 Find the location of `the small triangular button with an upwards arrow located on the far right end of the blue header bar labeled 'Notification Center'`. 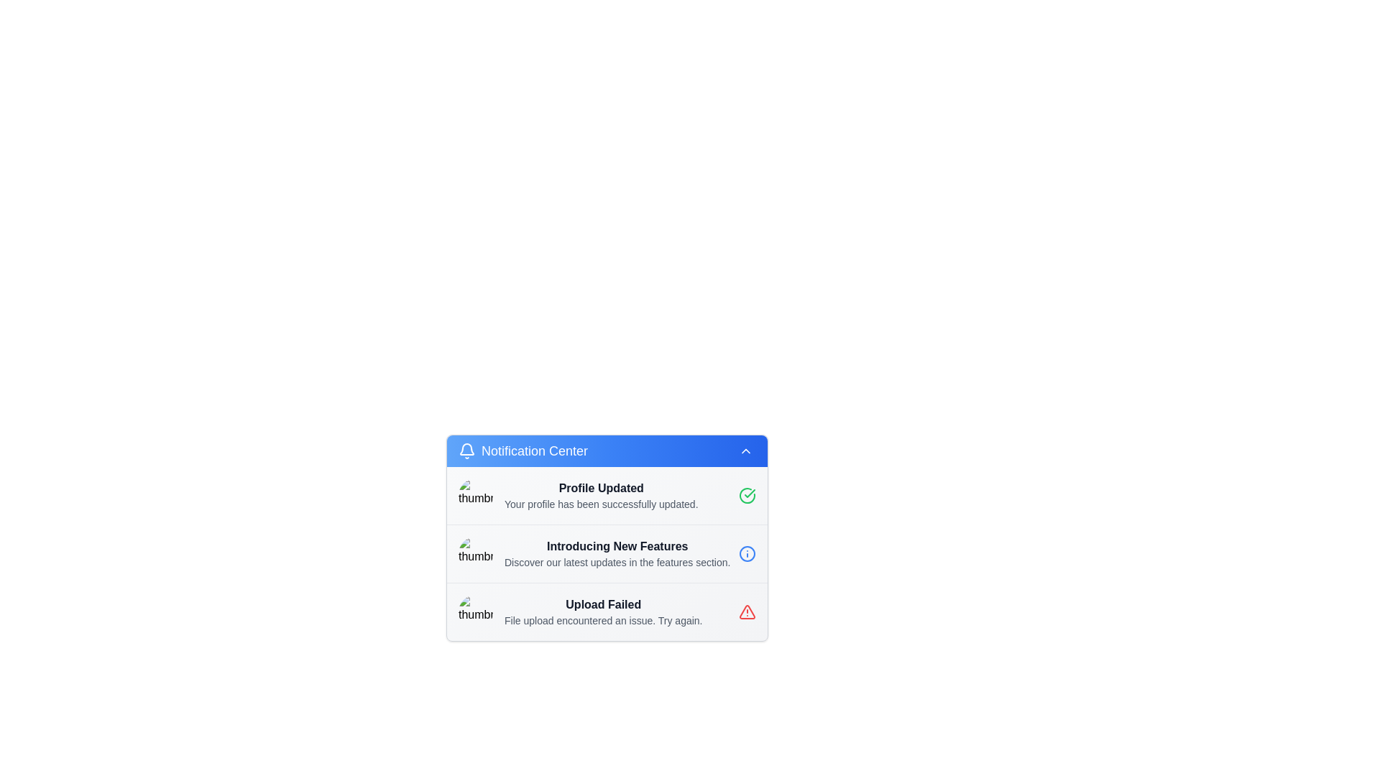

the small triangular button with an upwards arrow located on the far right end of the blue header bar labeled 'Notification Center' is located at coordinates (745, 451).